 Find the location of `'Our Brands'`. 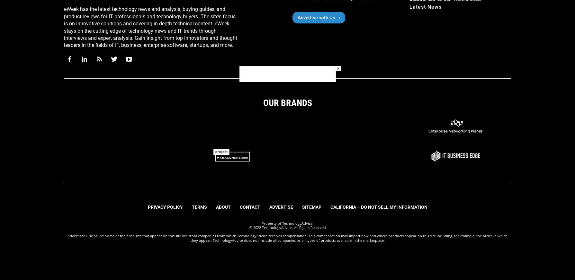

'Our Brands' is located at coordinates (263, 102).